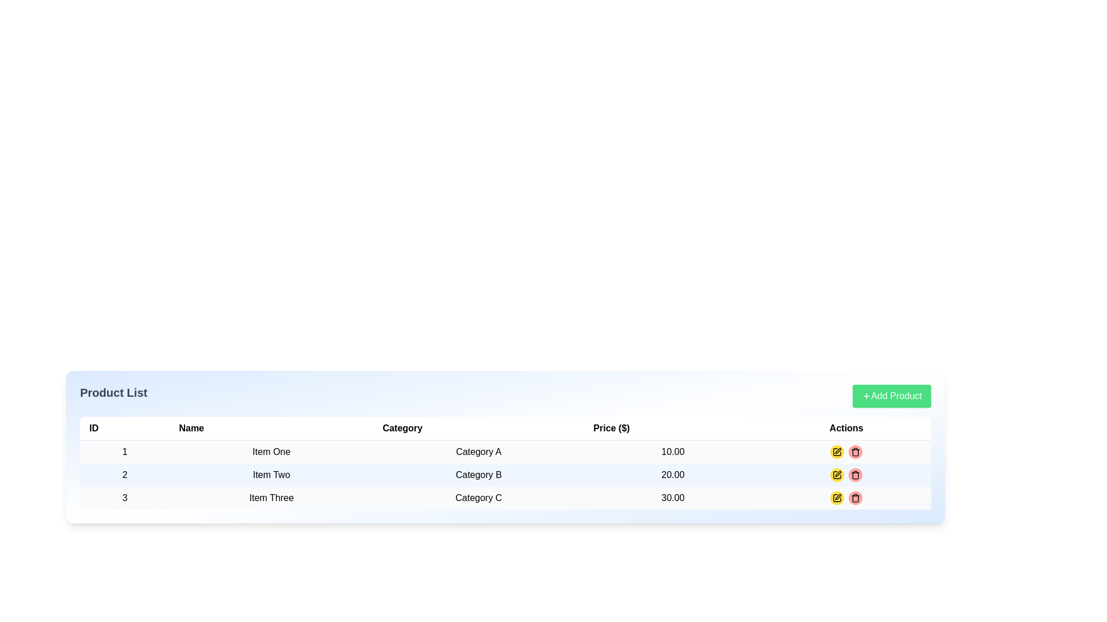 The image size is (1107, 622). Describe the element at coordinates (838, 450) in the screenshot. I see `the edit icon, which is a small pen or pencil icon on a yellow background located in the 'Actions' column for 'Item One' in the table` at that location.